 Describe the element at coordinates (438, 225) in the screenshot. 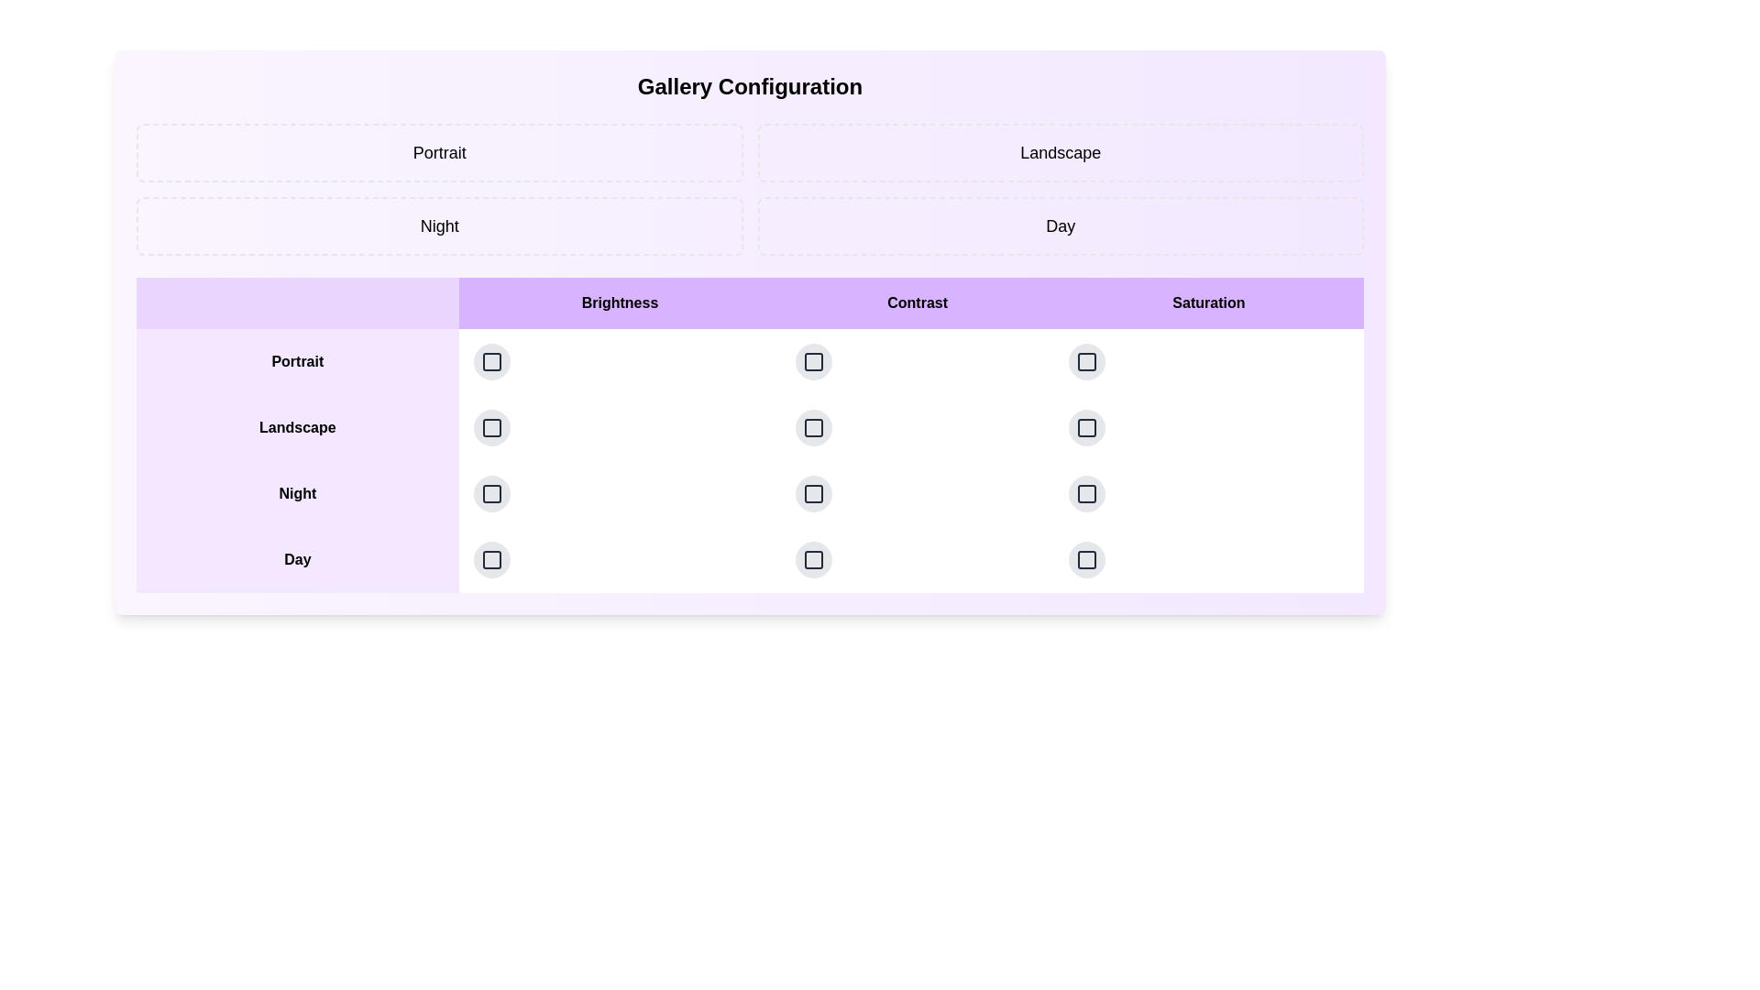

I see `the 'Night' option item with a light purple background located in the lower-left quadrant of the grid layout` at that location.